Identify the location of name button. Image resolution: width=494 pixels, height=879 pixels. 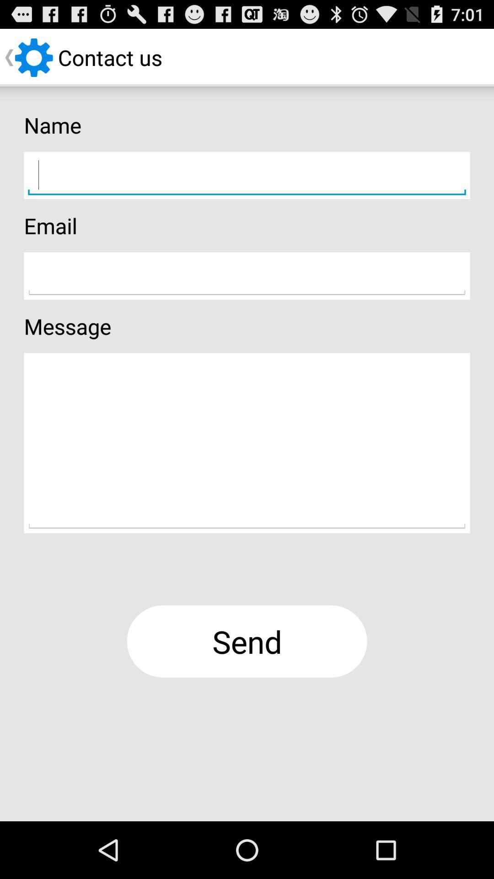
(247, 175).